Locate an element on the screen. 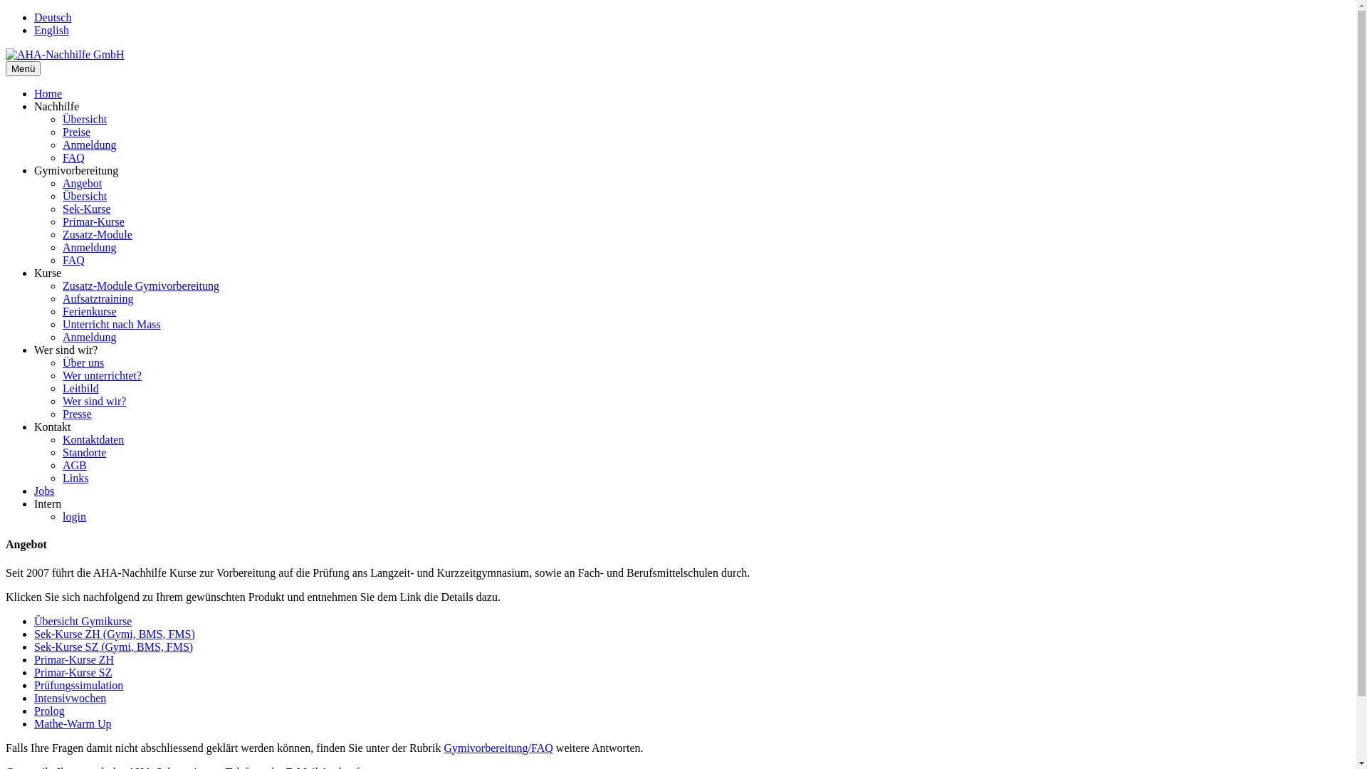  'login' is located at coordinates (73, 516).